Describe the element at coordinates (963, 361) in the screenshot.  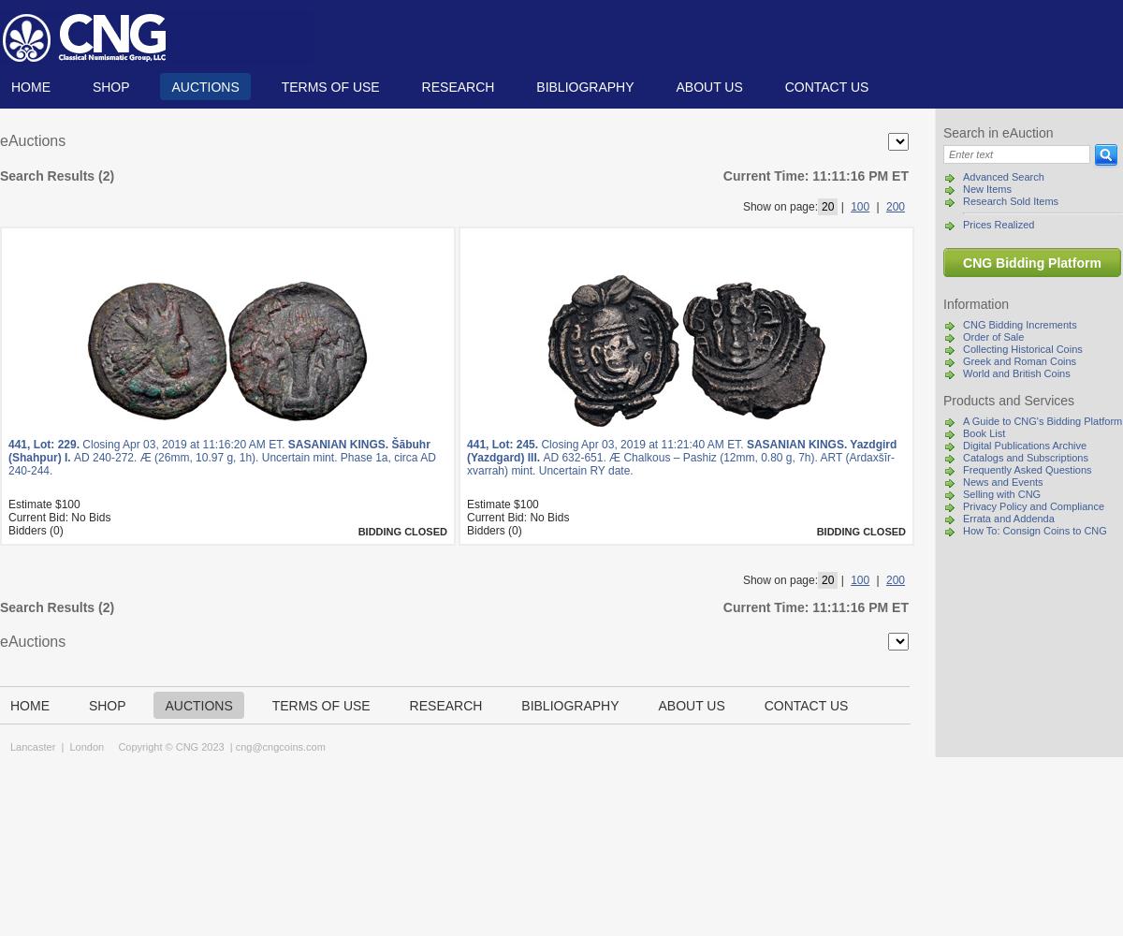
I see `'Greek and Roman Coins'` at that location.